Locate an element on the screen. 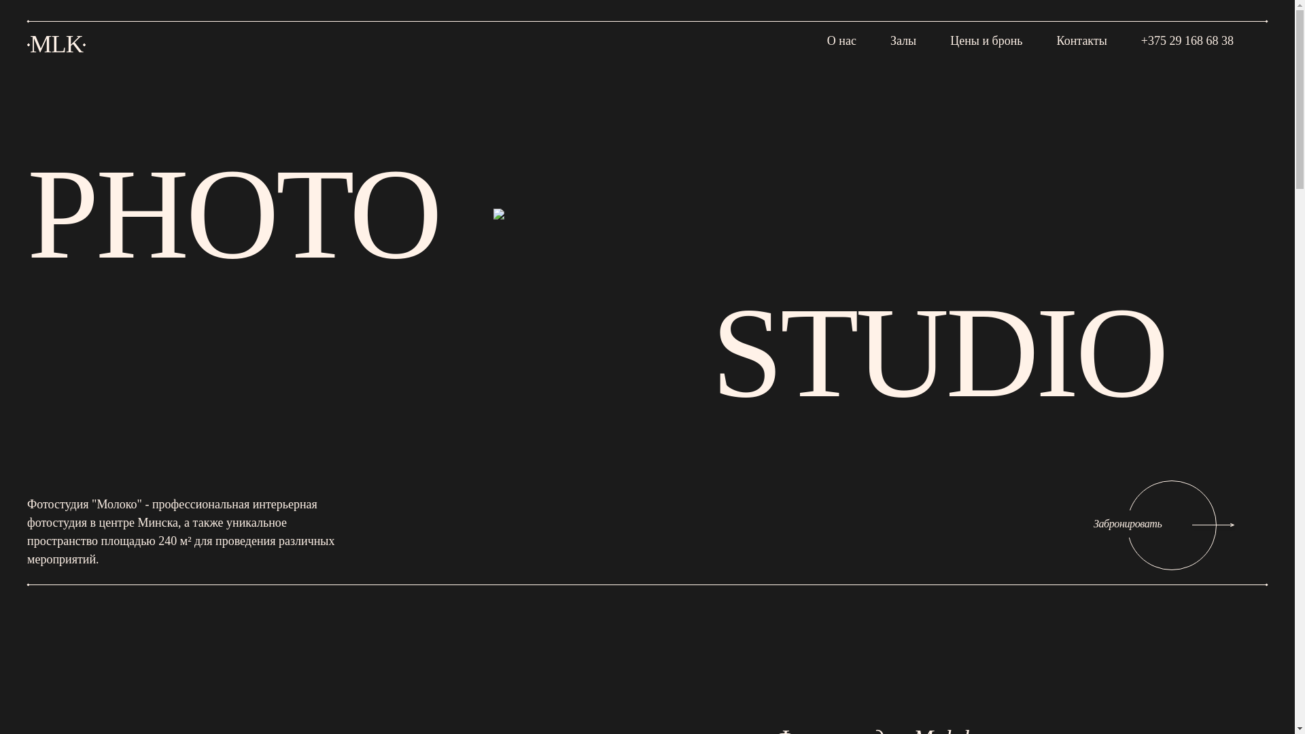  '+375 29 168 68 38' is located at coordinates (1187, 38).